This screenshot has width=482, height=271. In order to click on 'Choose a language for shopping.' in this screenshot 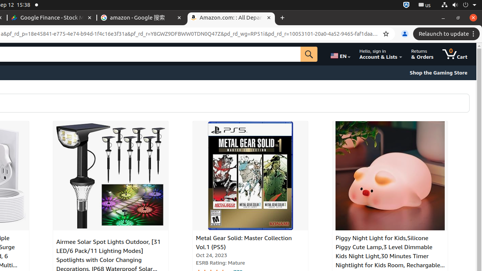, I will do `click(340, 54)`.